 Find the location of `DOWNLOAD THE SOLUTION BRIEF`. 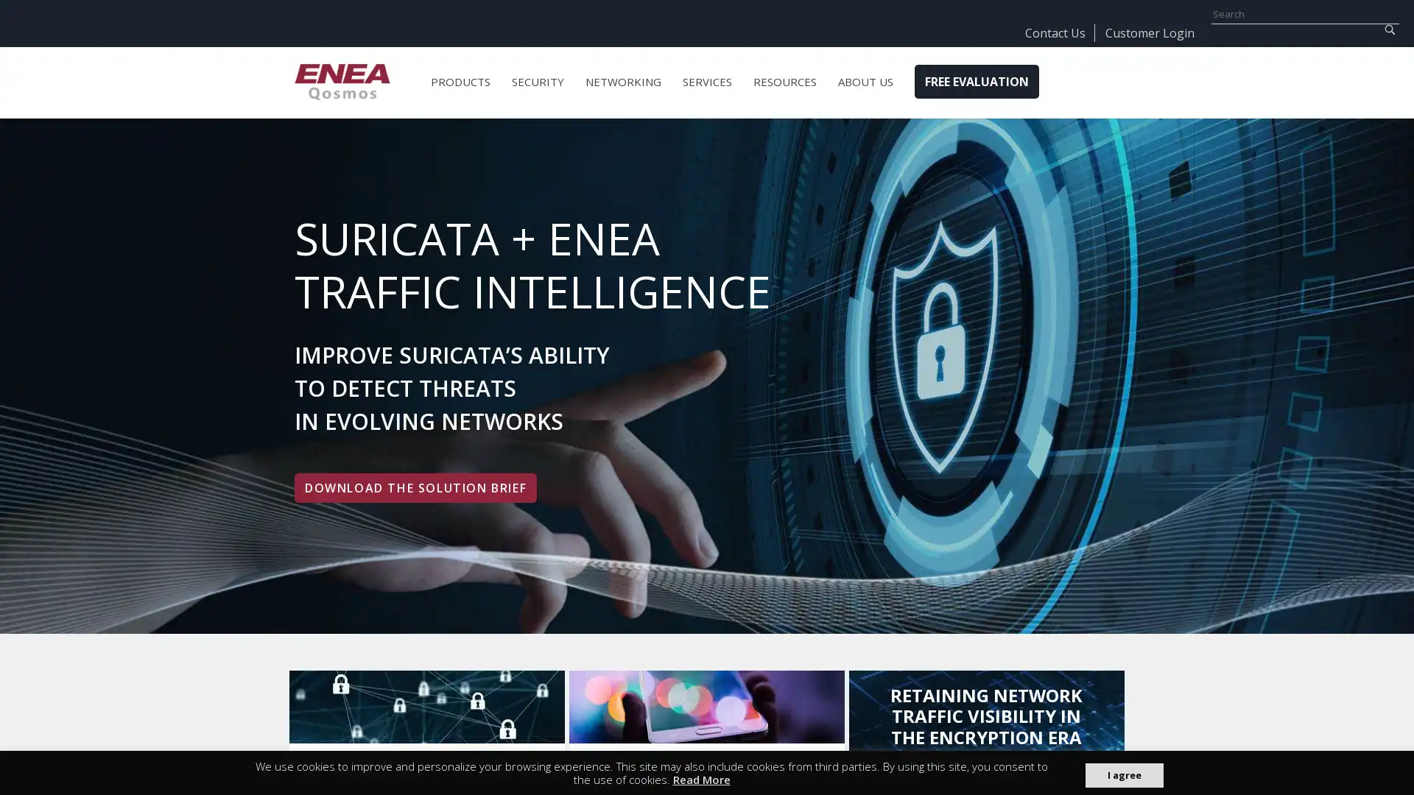

DOWNLOAD THE SOLUTION BRIEF is located at coordinates (415, 488).